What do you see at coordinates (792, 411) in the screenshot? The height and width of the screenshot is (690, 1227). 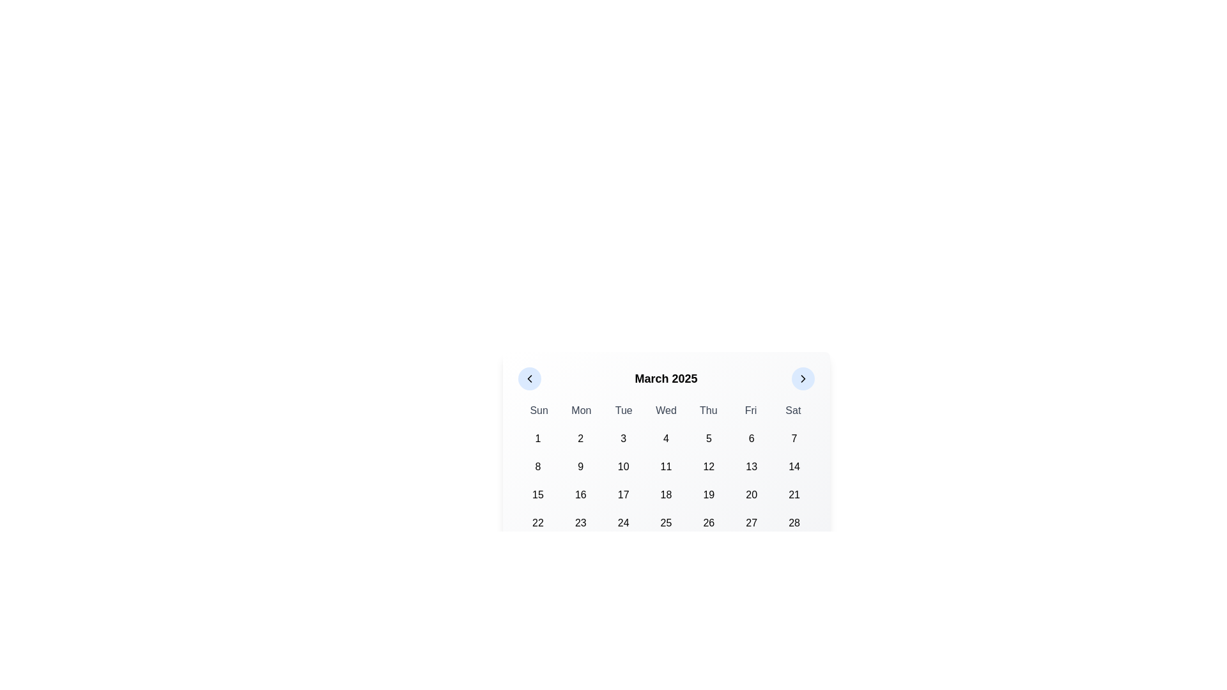 I see `the text label displaying 'Sat', which is the last item in a row of weekday names at the top of the calendar grid` at bounding box center [792, 411].